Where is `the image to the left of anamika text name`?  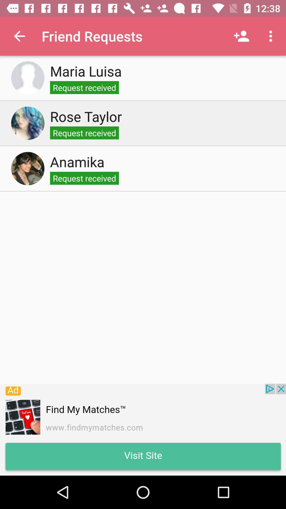 the image to the left of anamika text name is located at coordinates (28, 168).